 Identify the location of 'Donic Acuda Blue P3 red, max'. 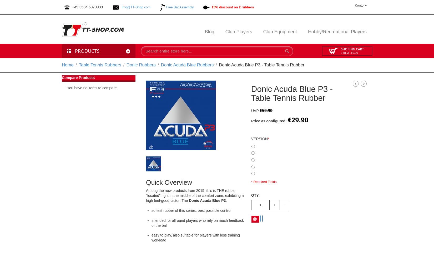
(277, 159).